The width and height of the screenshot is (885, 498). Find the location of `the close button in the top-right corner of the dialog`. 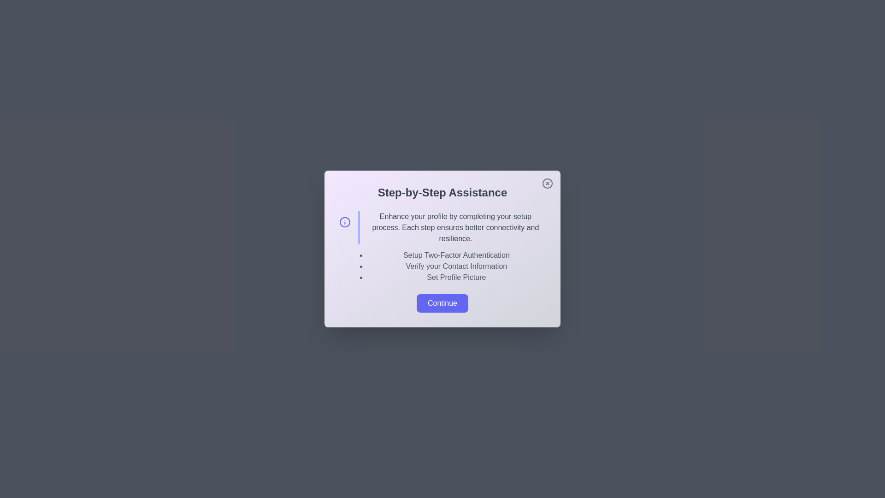

the close button in the top-right corner of the dialog is located at coordinates (548, 183).